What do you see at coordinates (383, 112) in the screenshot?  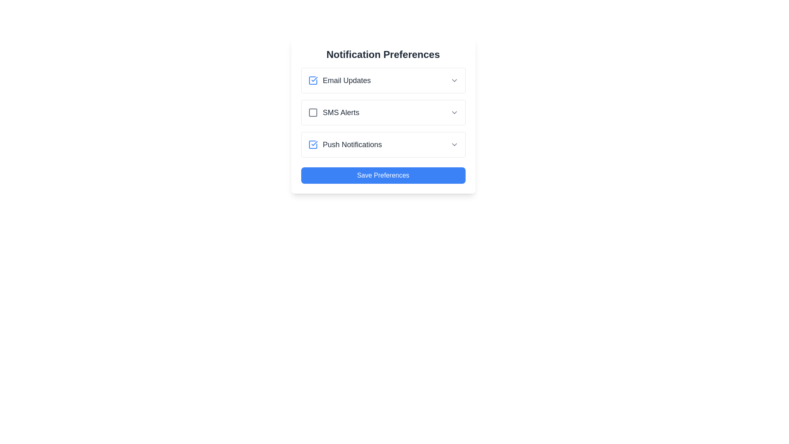 I see `the dropdown of the List Item with Checkbox and Dropdown labeled 'SMS Alerts' to view additional options` at bounding box center [383, 112].